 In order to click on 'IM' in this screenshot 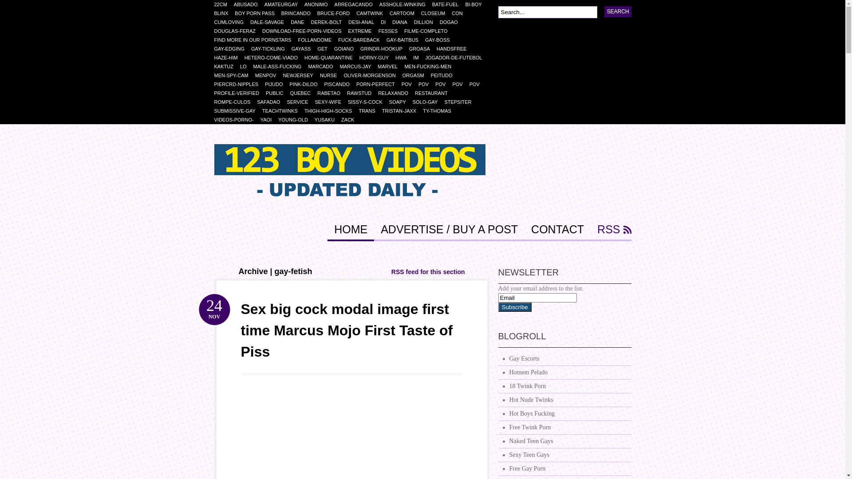, I will do `click(418, 58)`.